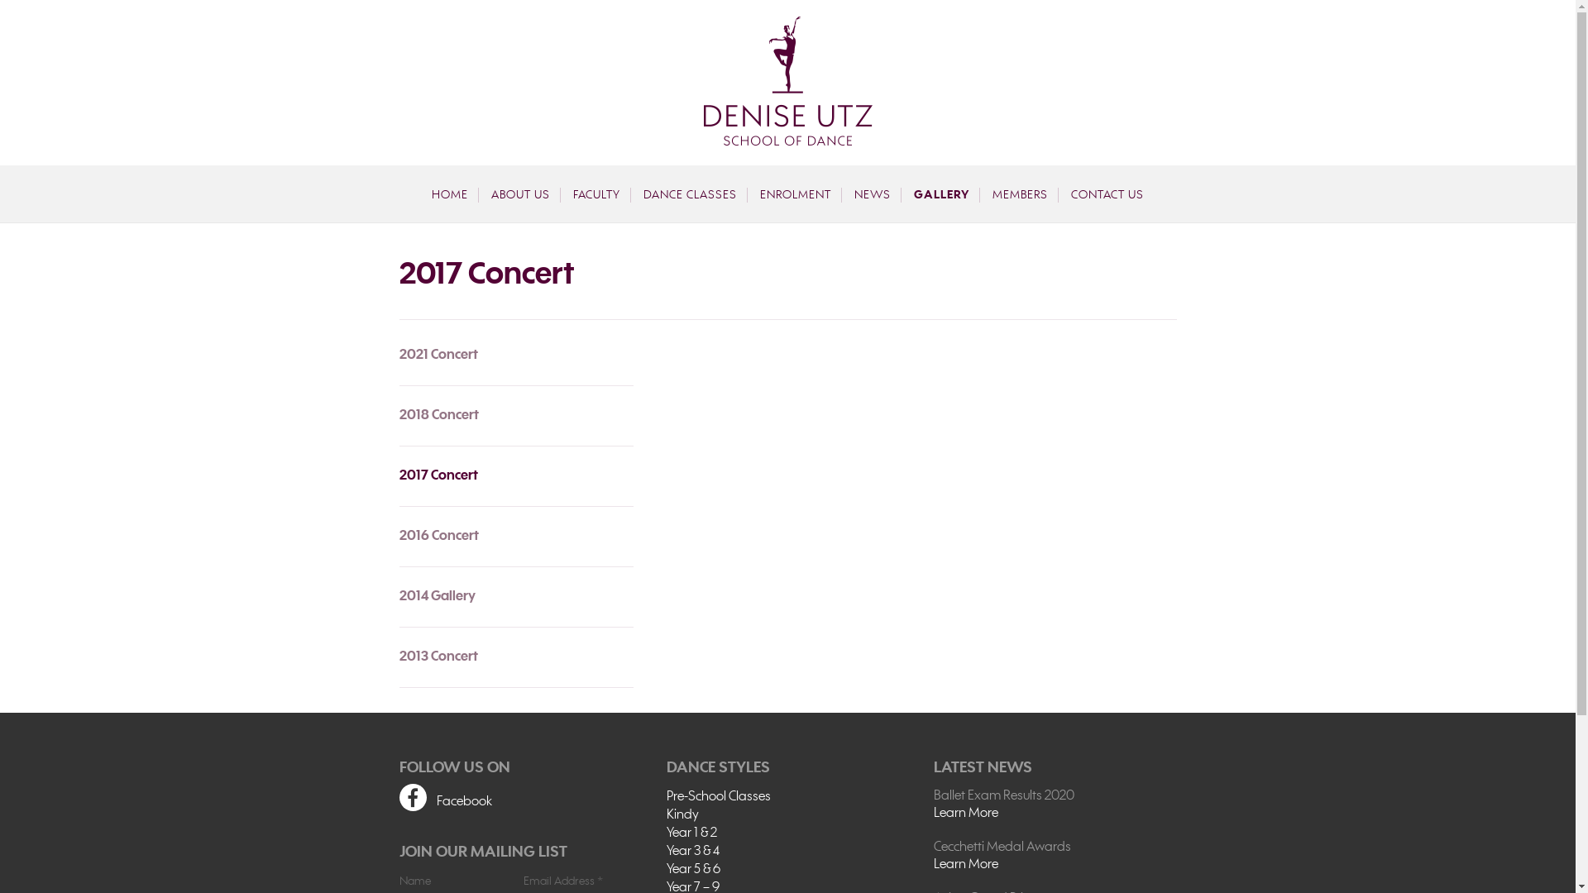 This screenshot has height=893, width=1588. I want to click on 'Year 3 & 4', so click(667, 851).